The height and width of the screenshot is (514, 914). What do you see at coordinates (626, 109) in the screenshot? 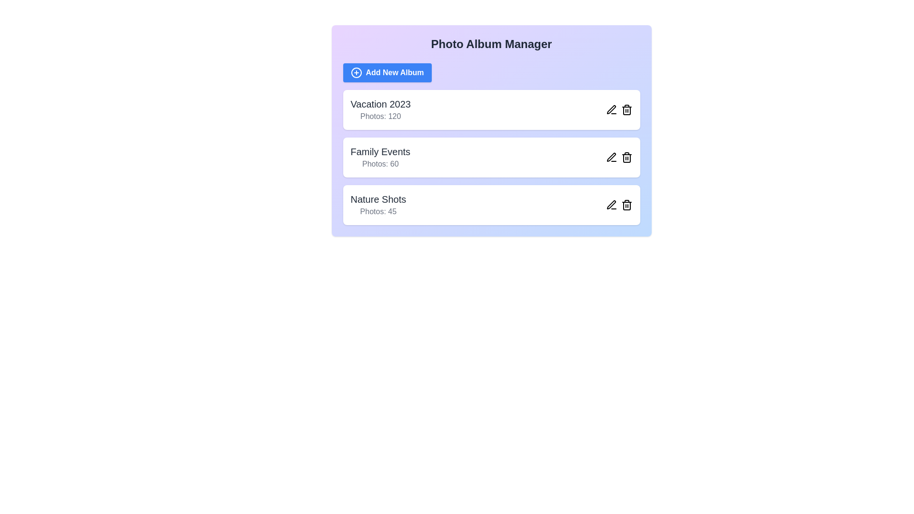
I see `delete button for the album titled Vacation 2023` at bounding box center [626, 109].